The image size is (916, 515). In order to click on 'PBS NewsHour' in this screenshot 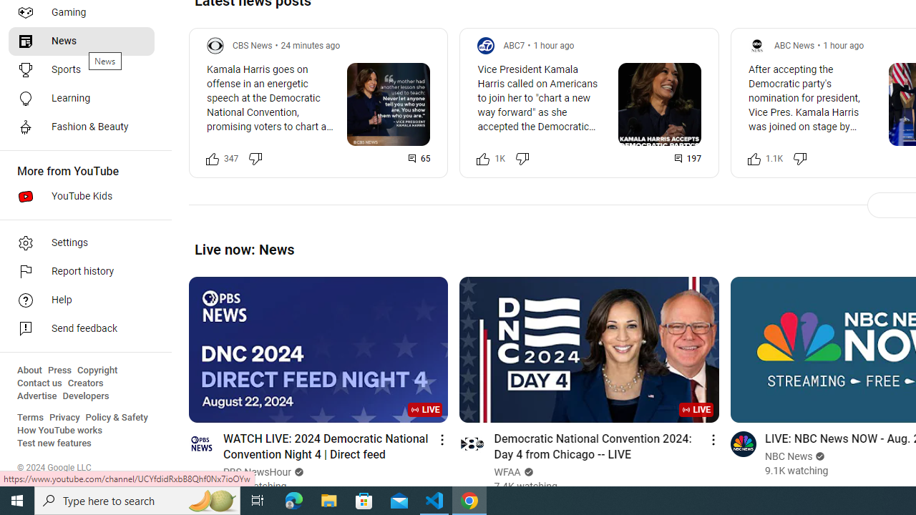, I will do `click(258, 472)`.